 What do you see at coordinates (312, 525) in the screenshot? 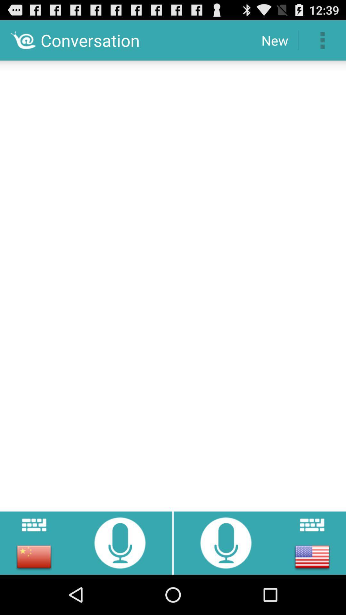
I see `type word` at bounding box center [312, 525].